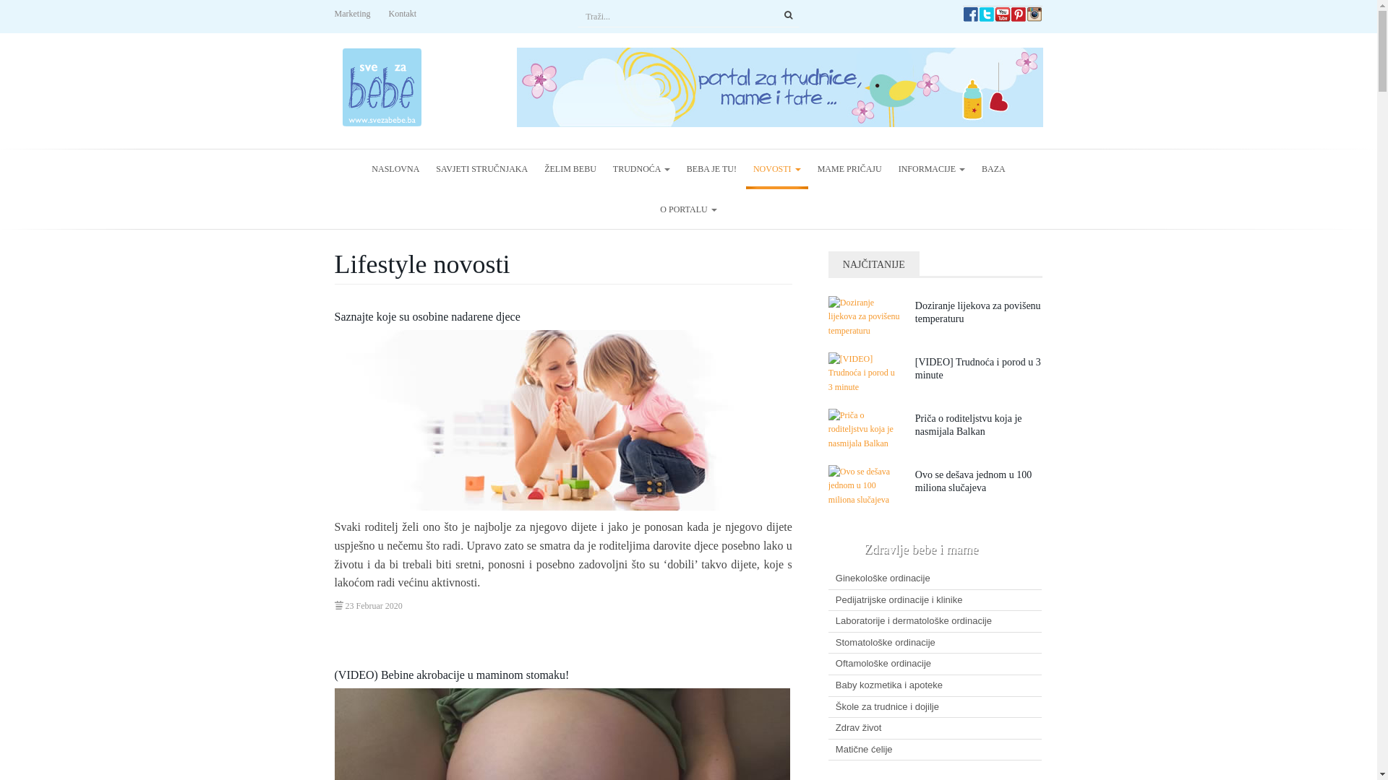 This screenshot has height=780, width=1388. Describe the element at coordinates (651, 209) in the screenshot. I see `'O PORTALU'` at that location.